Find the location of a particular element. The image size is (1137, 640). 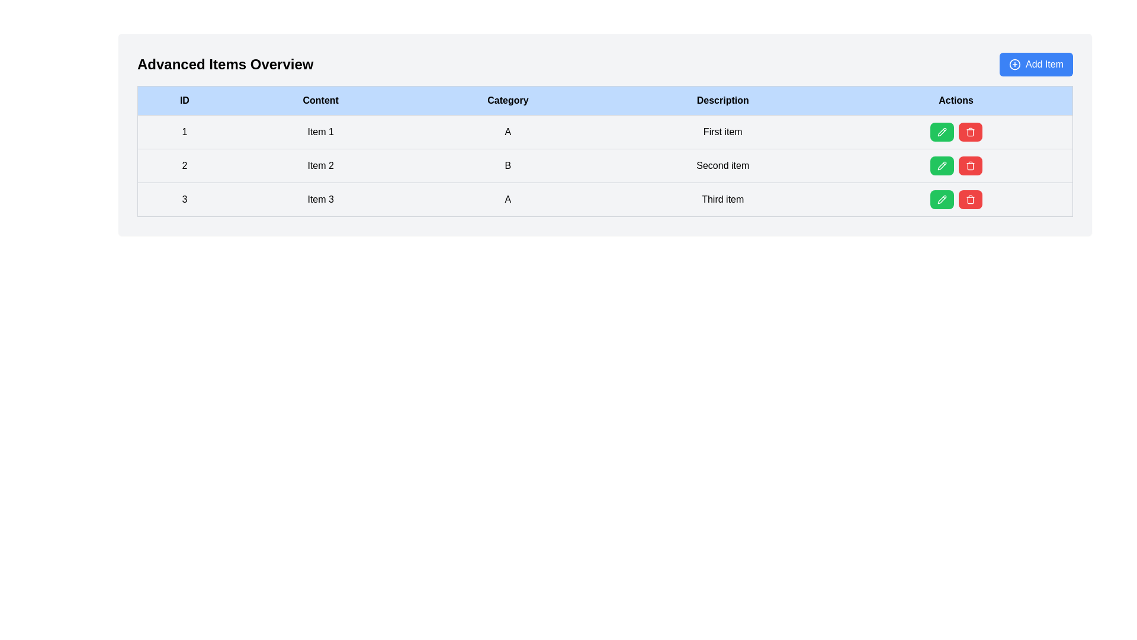

the delete button located in the 'Actions' column of the second row of the data table, positioned directly to the right of the green pencil icon button is located at coordinates (970, 166).